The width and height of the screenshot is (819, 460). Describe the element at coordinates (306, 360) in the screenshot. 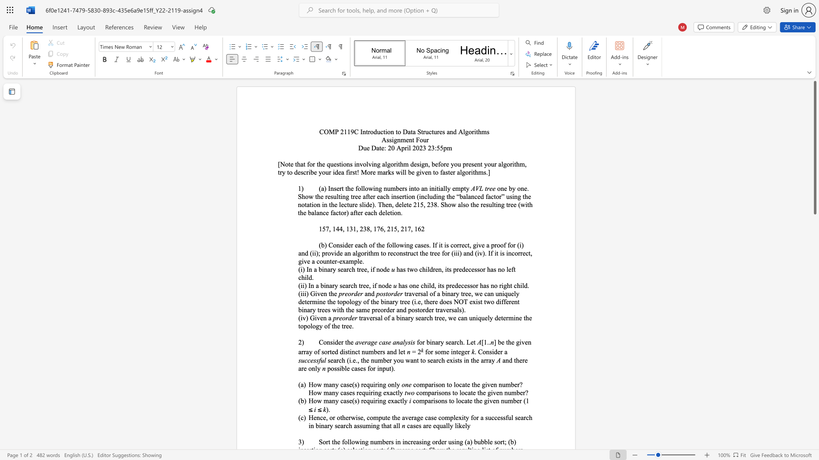

I see `the 1th character "c" in the text` at that location.